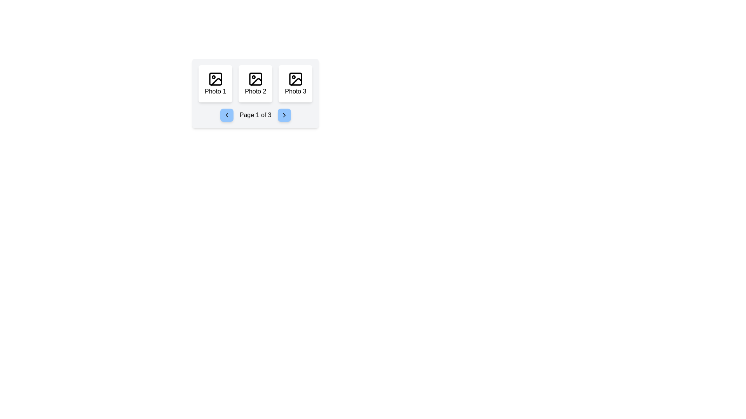 Image resolution: width=746 pixels, height=419 pixels. I want to click on the blue button with rounded corners and a right-pointing arrow icon, so click(284, 115).